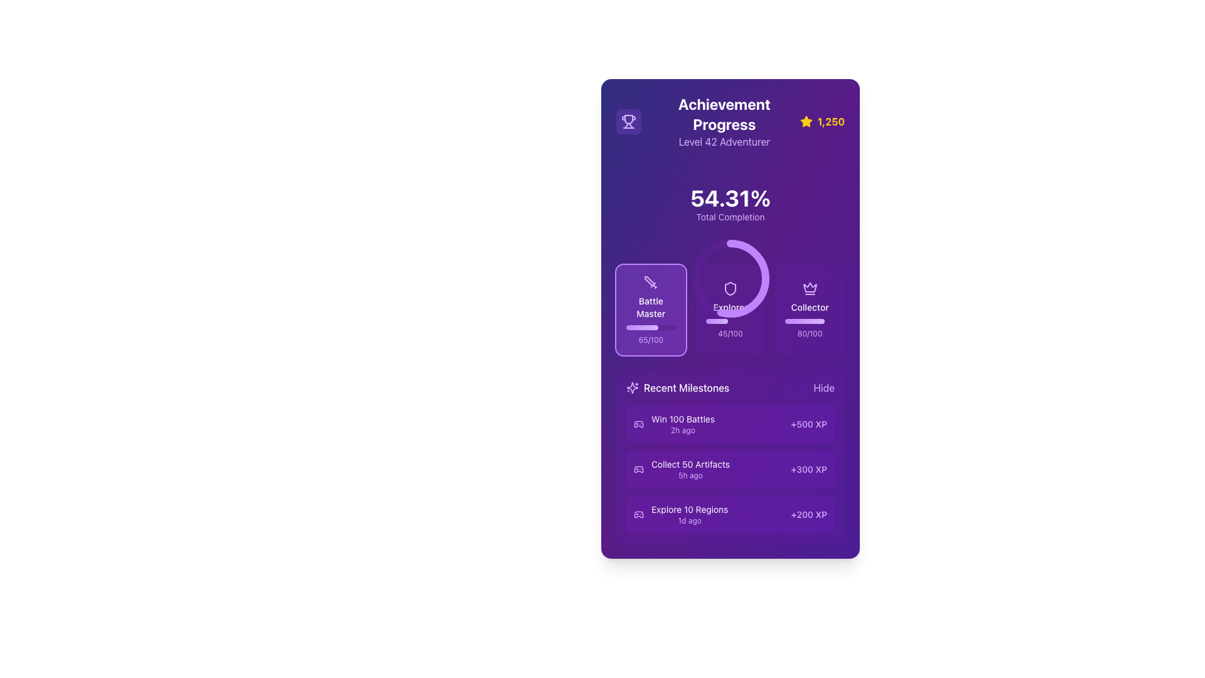 This screenshot has width=1205, height=678. What do you see at coordinates (717, 321) in the screenshot?
I see `the progress indicator within the progress bar, which is a rounded horizontal bar with a gradient from purple to lavender, located beneath the numerical progress information` at bounding box center [717, 321].